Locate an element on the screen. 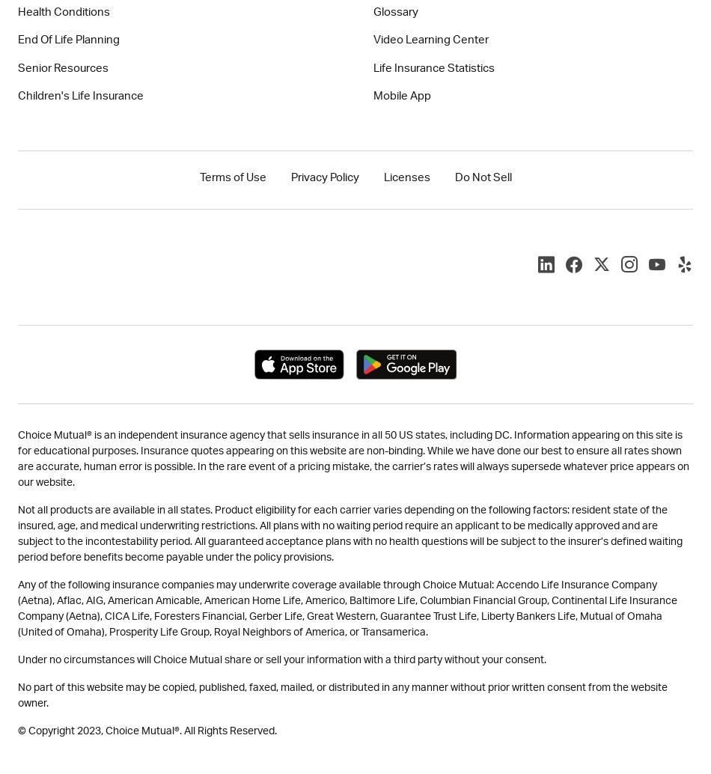 The height and width of the screenshot is (774, 711). 'Do Not Sell' is located at coordinates (454, 177).